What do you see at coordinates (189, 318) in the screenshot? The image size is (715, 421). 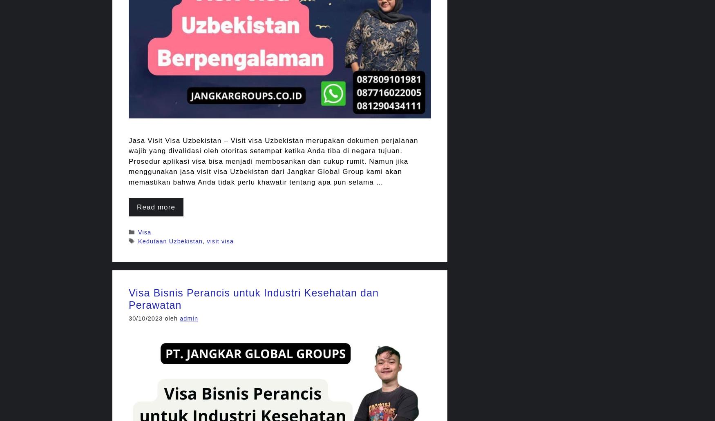 I see `'admin'` at bounding box center [189, 318].